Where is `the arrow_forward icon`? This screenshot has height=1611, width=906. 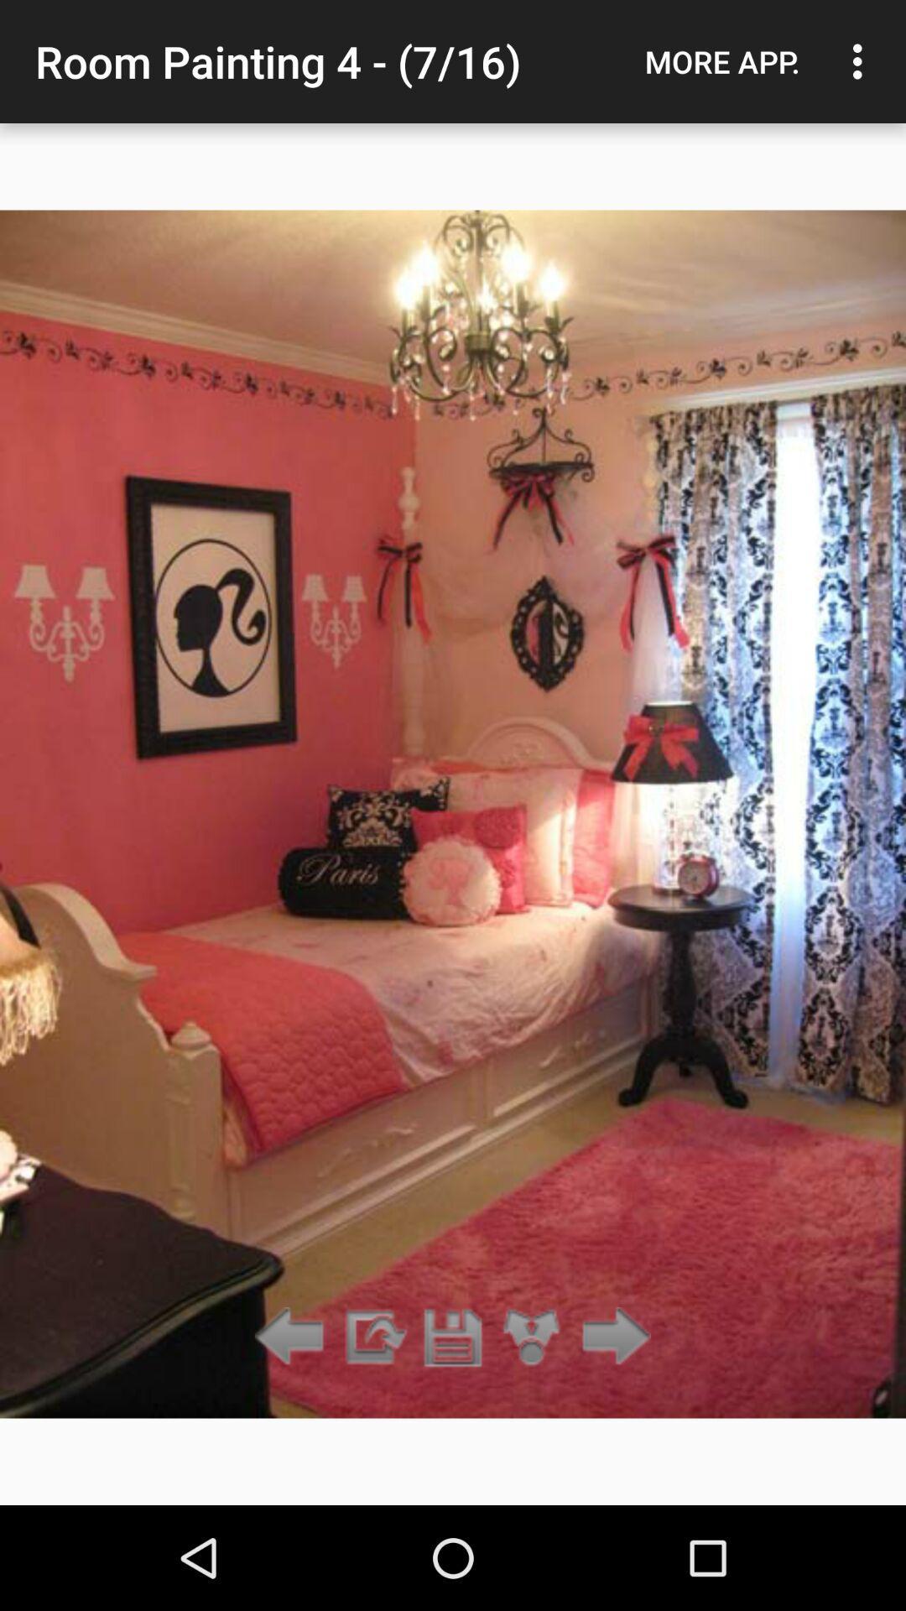 the arrow_forward icon is located at coordinates (612, 1337).